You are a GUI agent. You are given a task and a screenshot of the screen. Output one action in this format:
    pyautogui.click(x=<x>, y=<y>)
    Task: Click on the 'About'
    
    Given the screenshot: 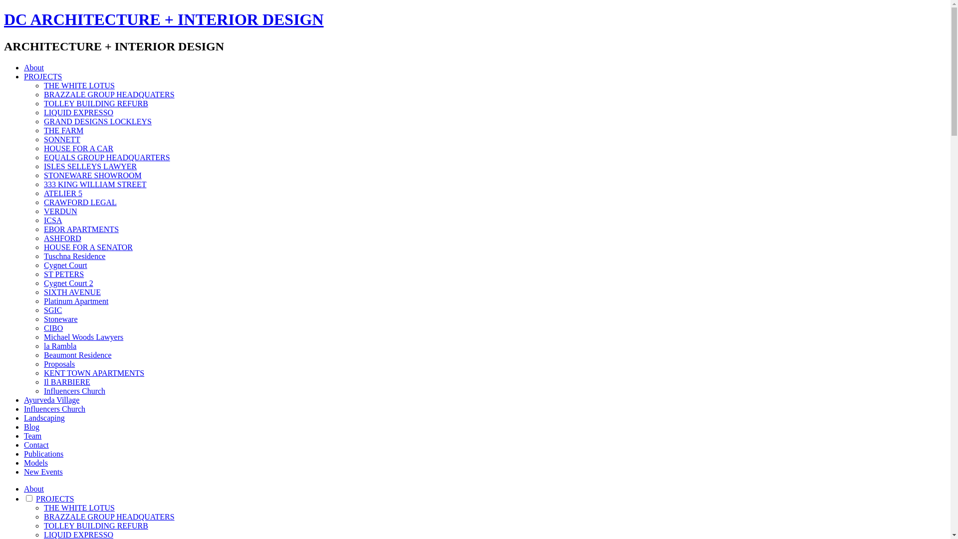 What is the action you would take?
    pyautogui.click(x=33, y=488)
    